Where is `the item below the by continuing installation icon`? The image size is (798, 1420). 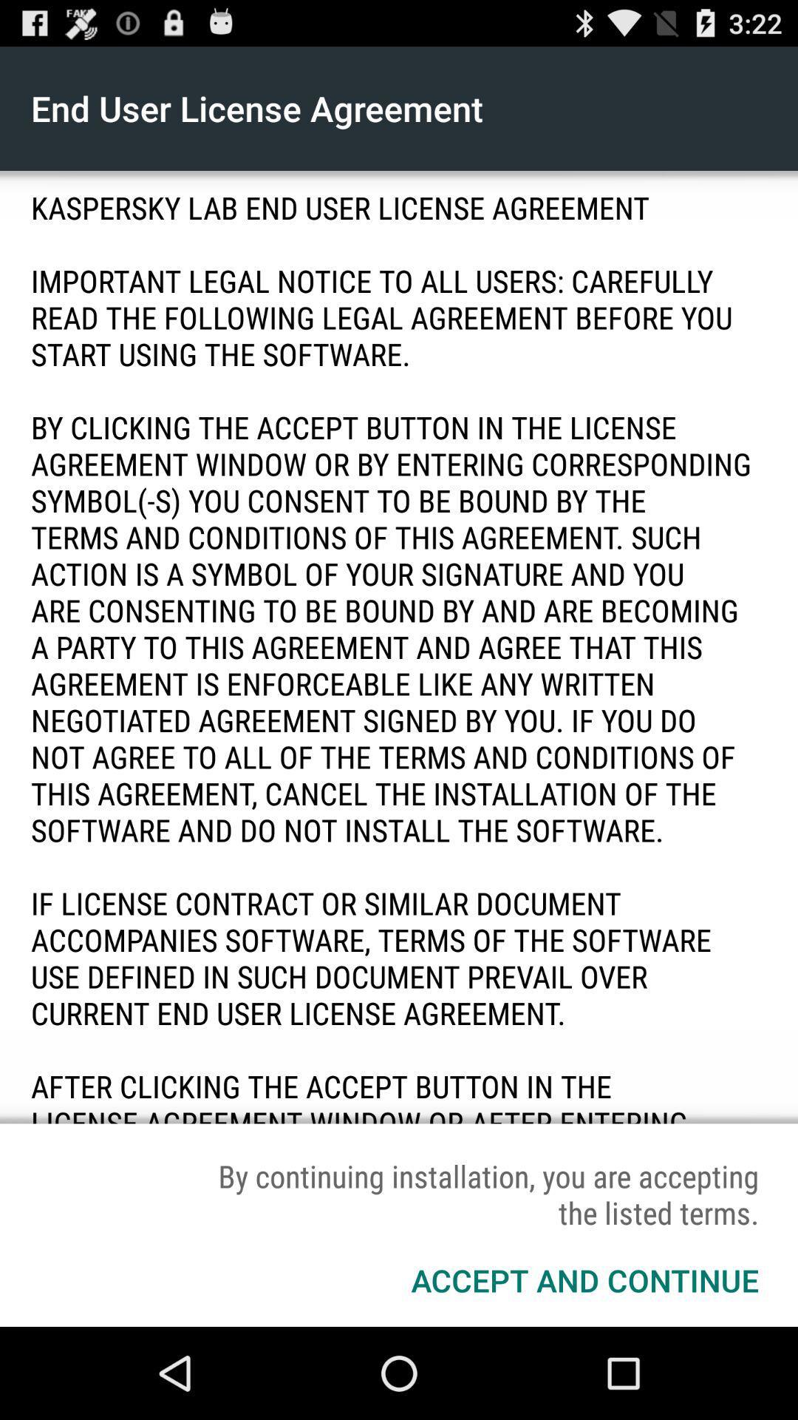 the item below the by continuing installation icon is located at coordinates (584, 1279).